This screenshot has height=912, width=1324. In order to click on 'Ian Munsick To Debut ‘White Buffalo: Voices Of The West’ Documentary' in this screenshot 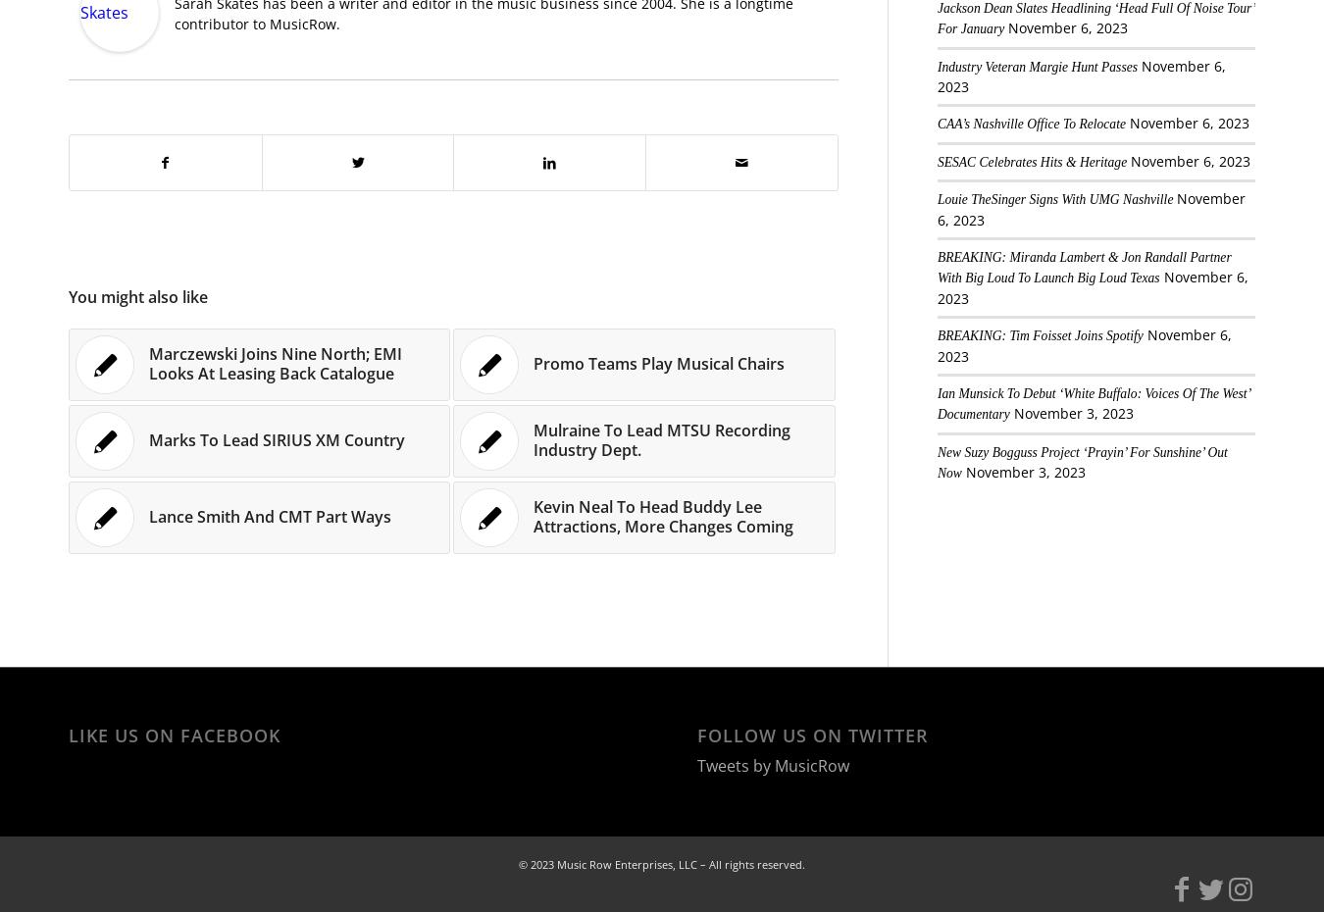, I will do `click(1093, 403)`.